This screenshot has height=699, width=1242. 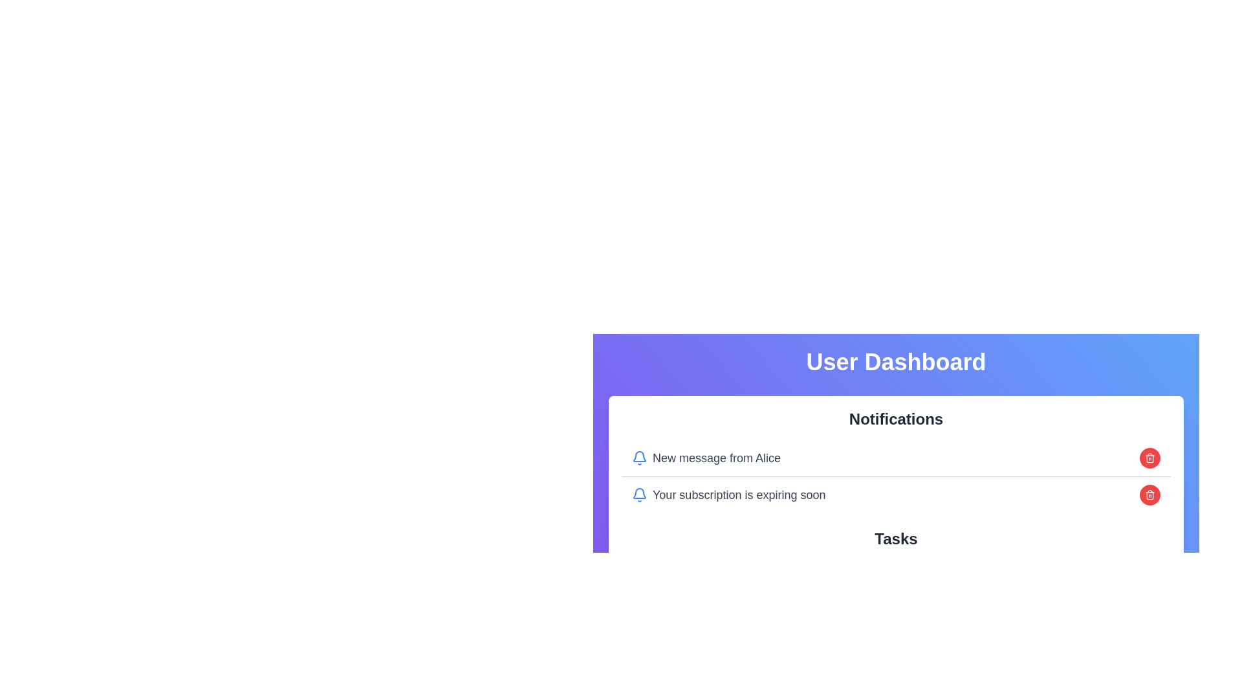 What do you see at coordinates (706, 458) in the screenshot?
I see `notification label indicating a new message from Alice, located in the first row of the Notifications section, to the right of the blue notification bell icon` at bounding box center [706, 458].